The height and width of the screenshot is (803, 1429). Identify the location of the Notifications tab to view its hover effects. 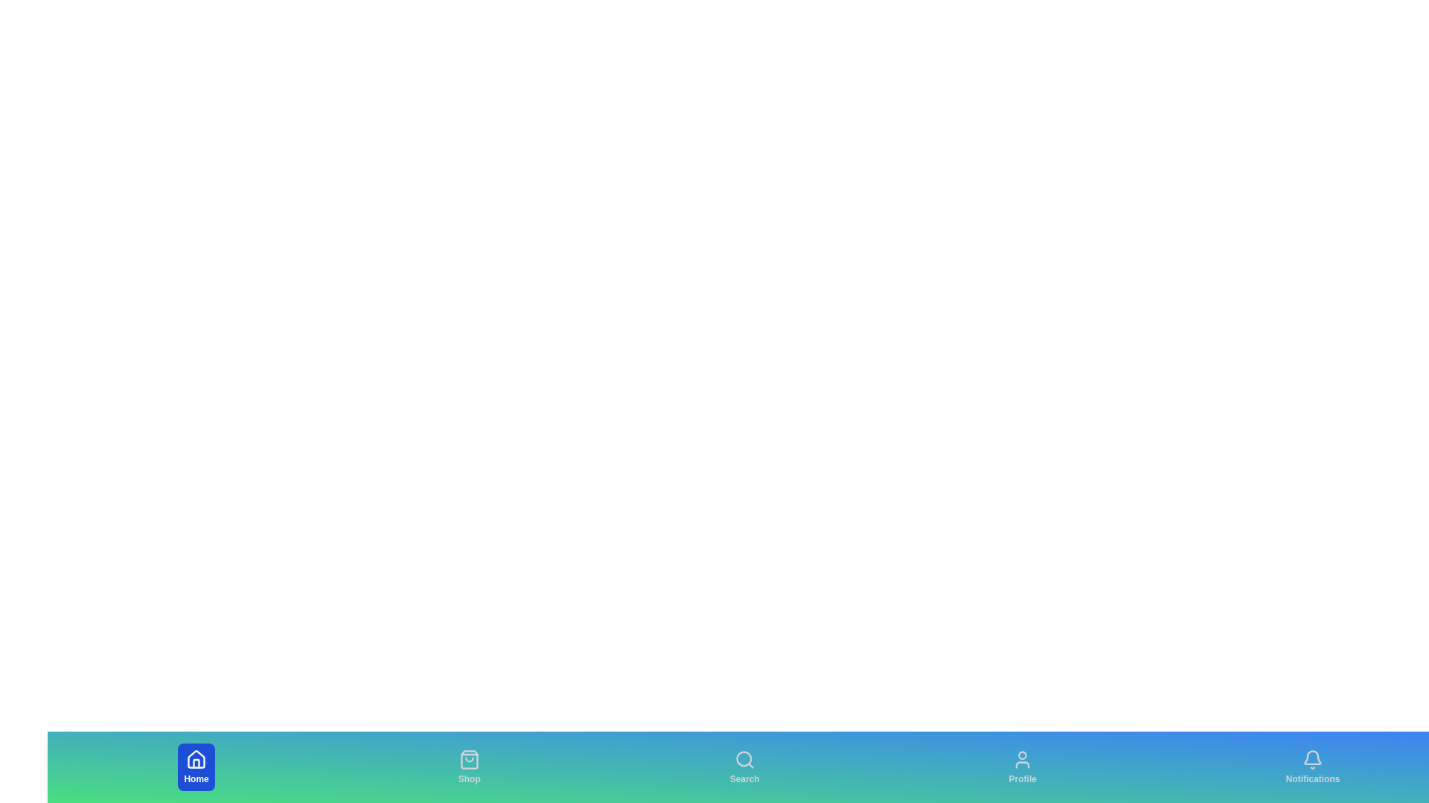
(1313, 767).